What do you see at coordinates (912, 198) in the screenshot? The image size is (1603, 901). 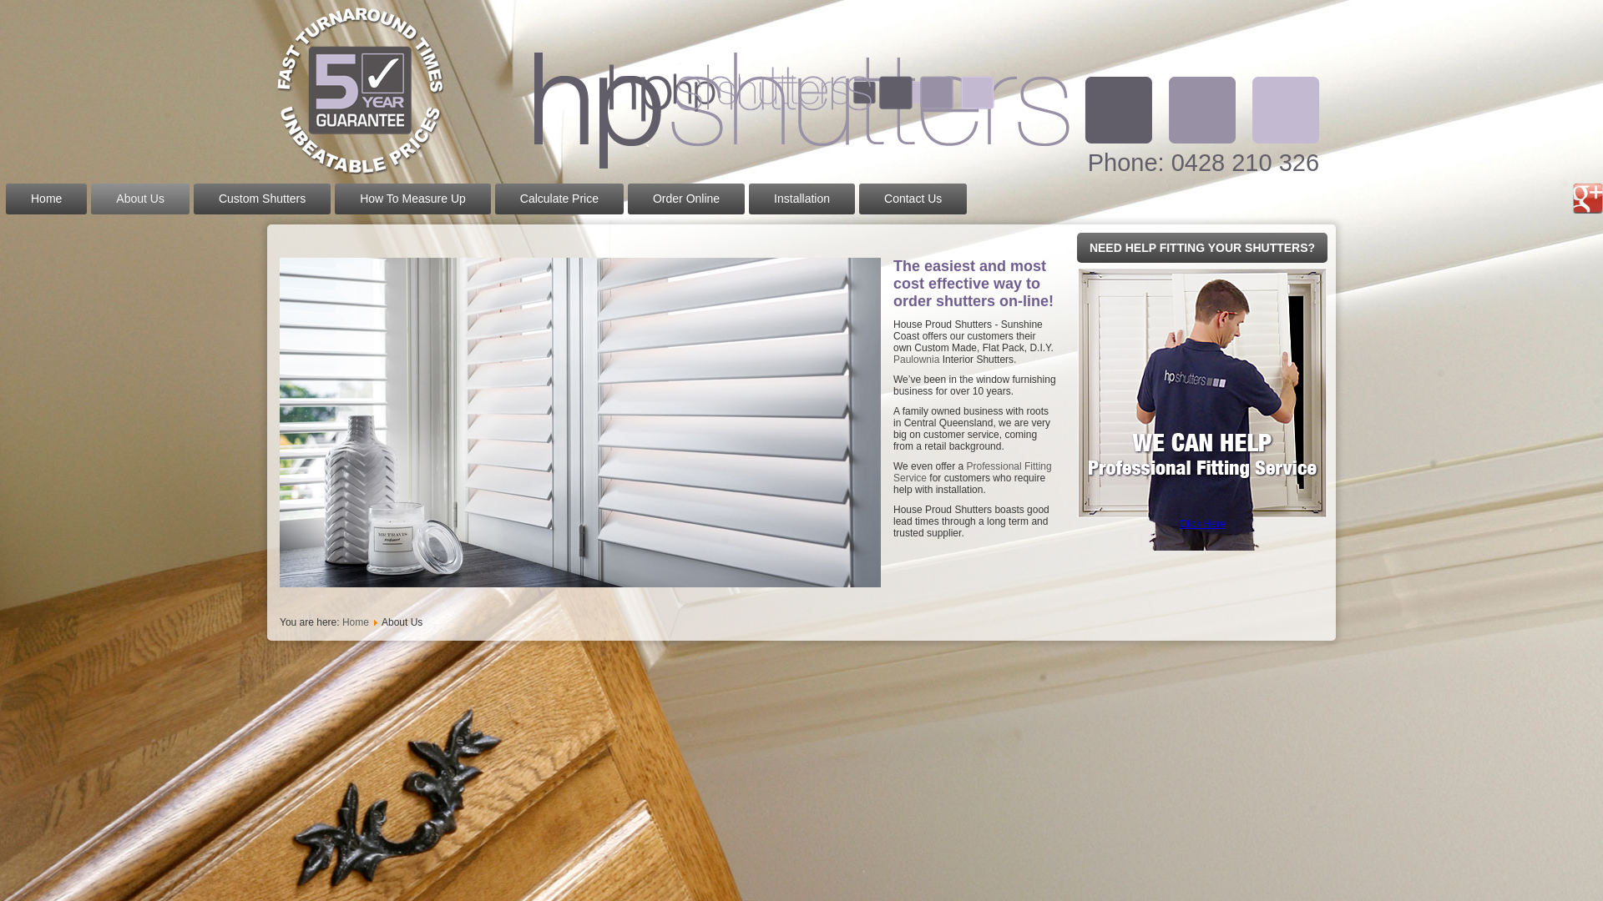 I see `'Contact Us'` at bounding box center [912, 198].